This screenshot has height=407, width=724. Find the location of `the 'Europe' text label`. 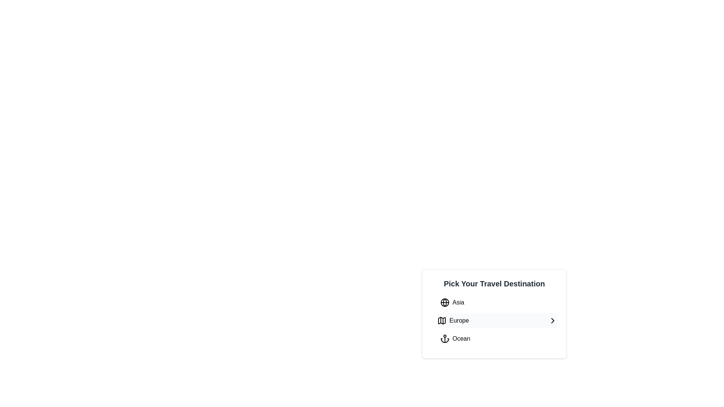

the 'Europe' text label is located at coordinates (459, 321).